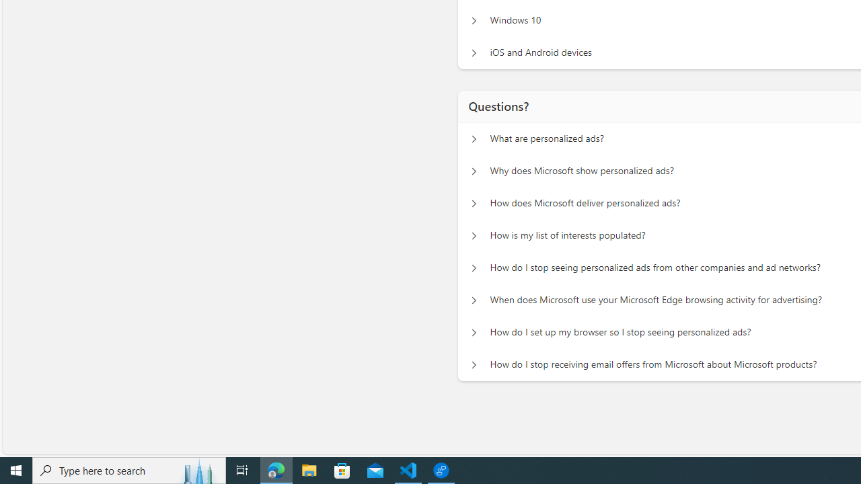 The image size is (861, 484). Describe the element at coordinates (474, 204) in the screenshot. I see `'Questions? How does Microsoft deliver personalized ads?'` at that location.